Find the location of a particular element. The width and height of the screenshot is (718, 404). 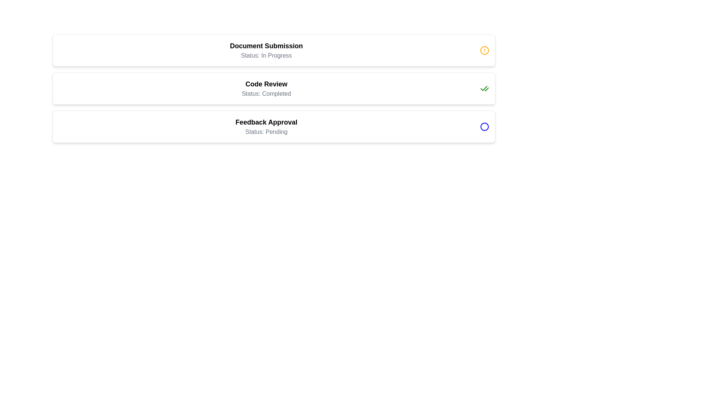

the 'Feedback Approval' text label within the card component that contains the status 'Pending', which is the third card in the vertically stacked list is located at coordinates (266, 126).